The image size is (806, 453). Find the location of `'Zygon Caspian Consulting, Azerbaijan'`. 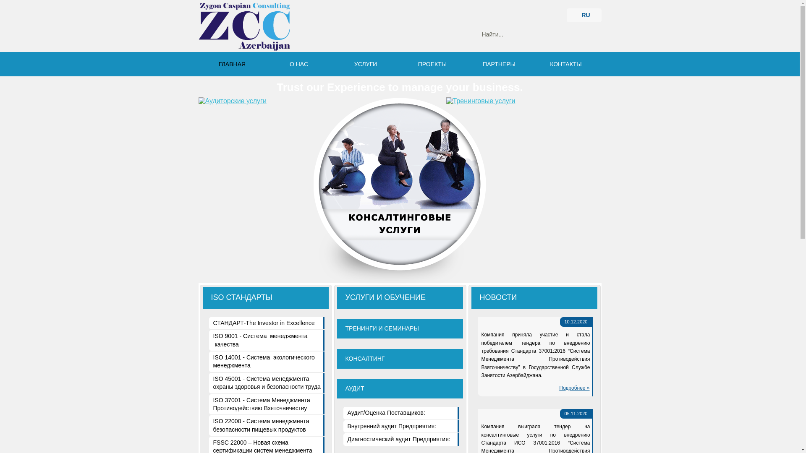

'Zygon Caspian Consulting, Azerbaijan' is located at coordinates (243, 26).